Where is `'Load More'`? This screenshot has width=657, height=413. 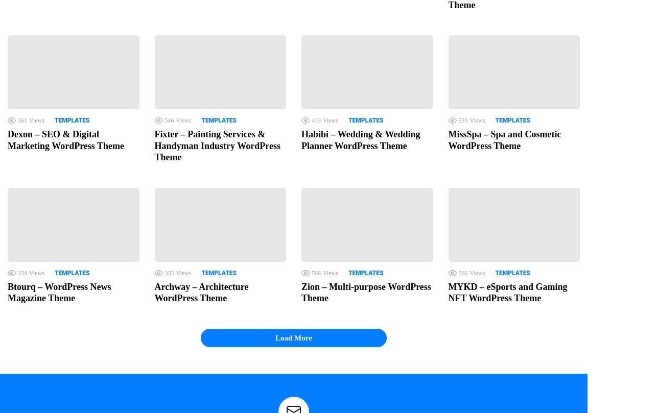
'Load More' is located at coordinates (293, 337).